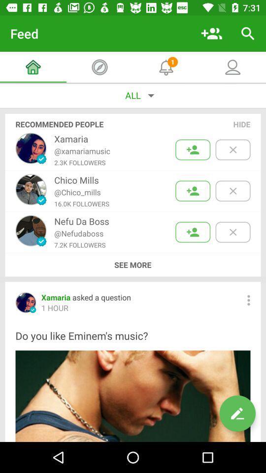  What do you see at coordinates (233, 150) in the screenshot?
I see `hide this person` at bounding box center [233, 150].